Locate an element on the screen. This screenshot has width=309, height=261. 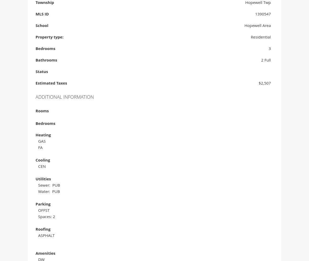
'Amenities' is located at coordinates (45, 253).